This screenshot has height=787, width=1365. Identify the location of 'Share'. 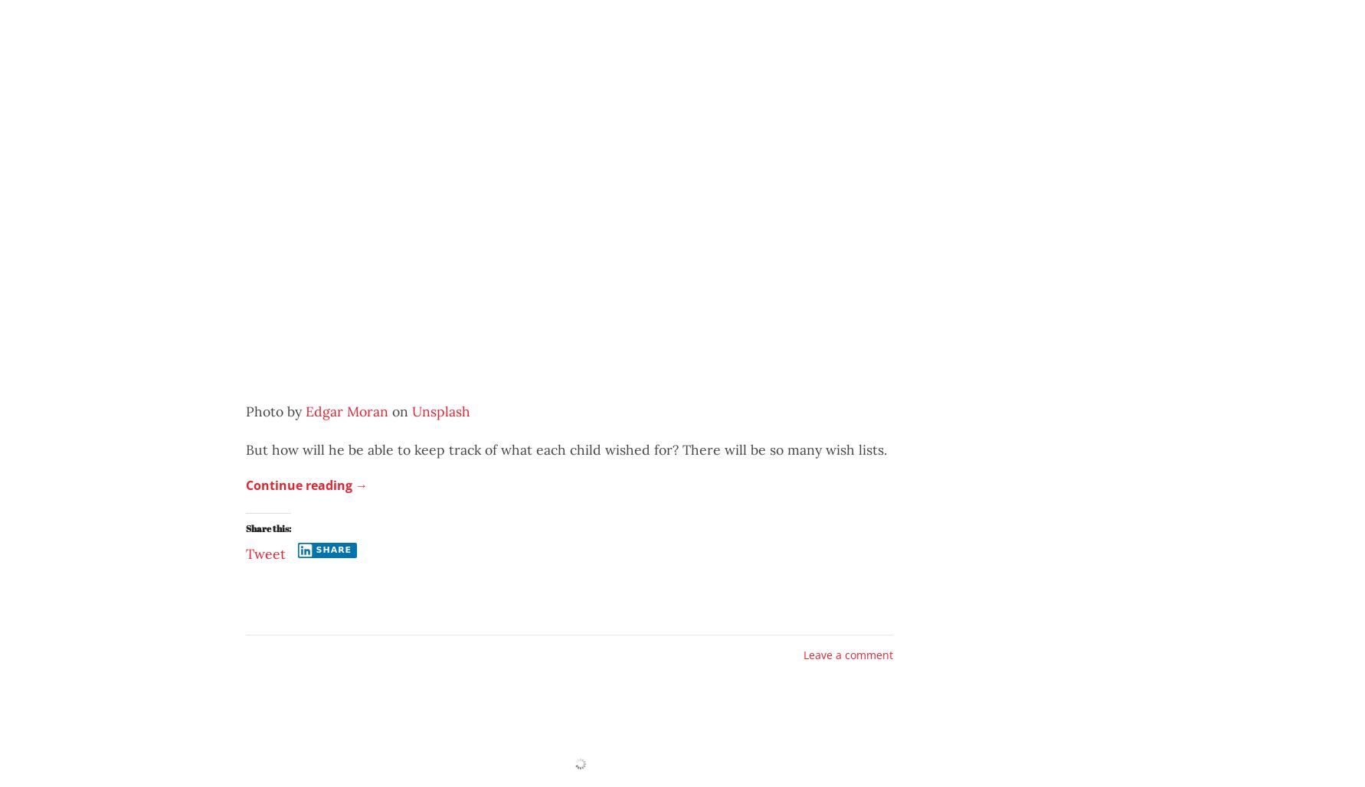
(333, 549).